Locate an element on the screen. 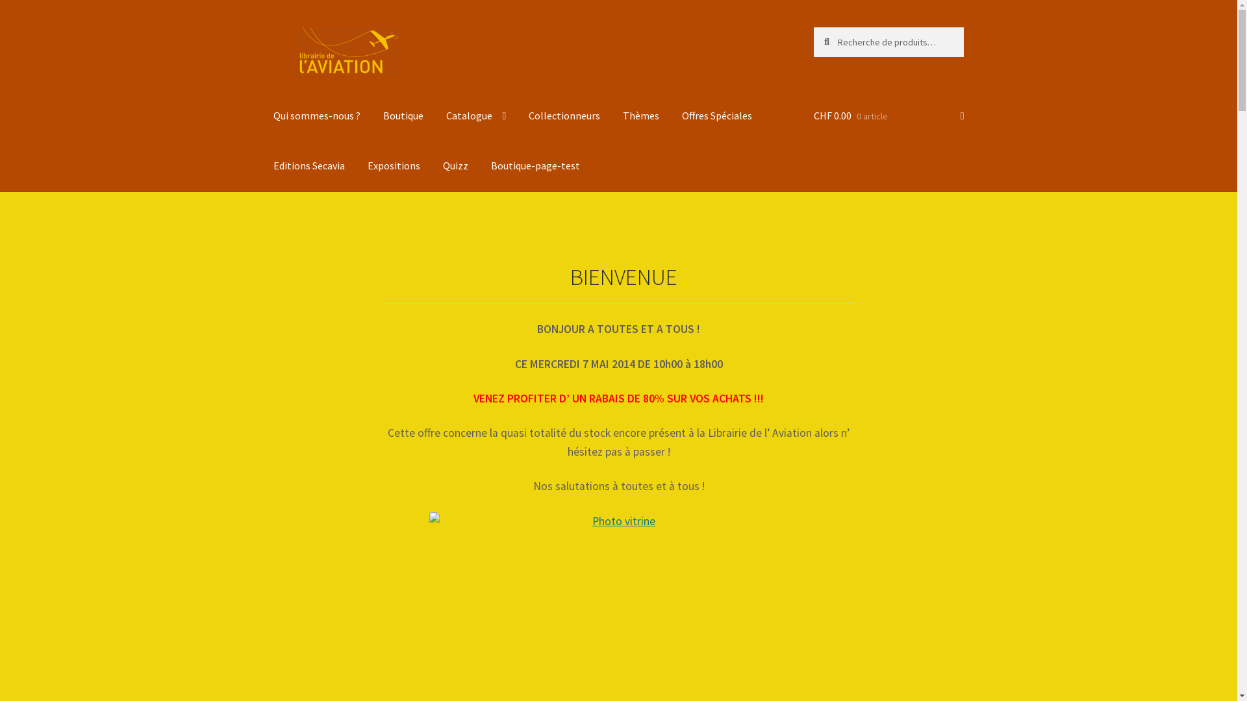 Image resolution: width=1247 pixels, height=701 pixels. 'CHF 0.00 0 article' is located at coordinates (812, 115).